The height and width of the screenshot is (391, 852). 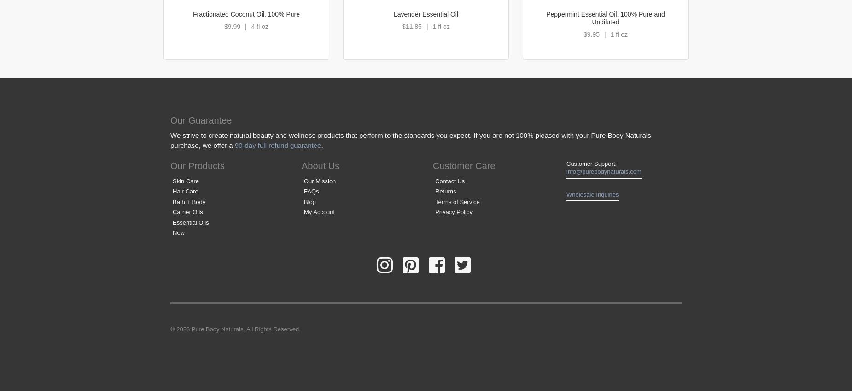 I want to click on 'About Us', so click(x=320, y=165).